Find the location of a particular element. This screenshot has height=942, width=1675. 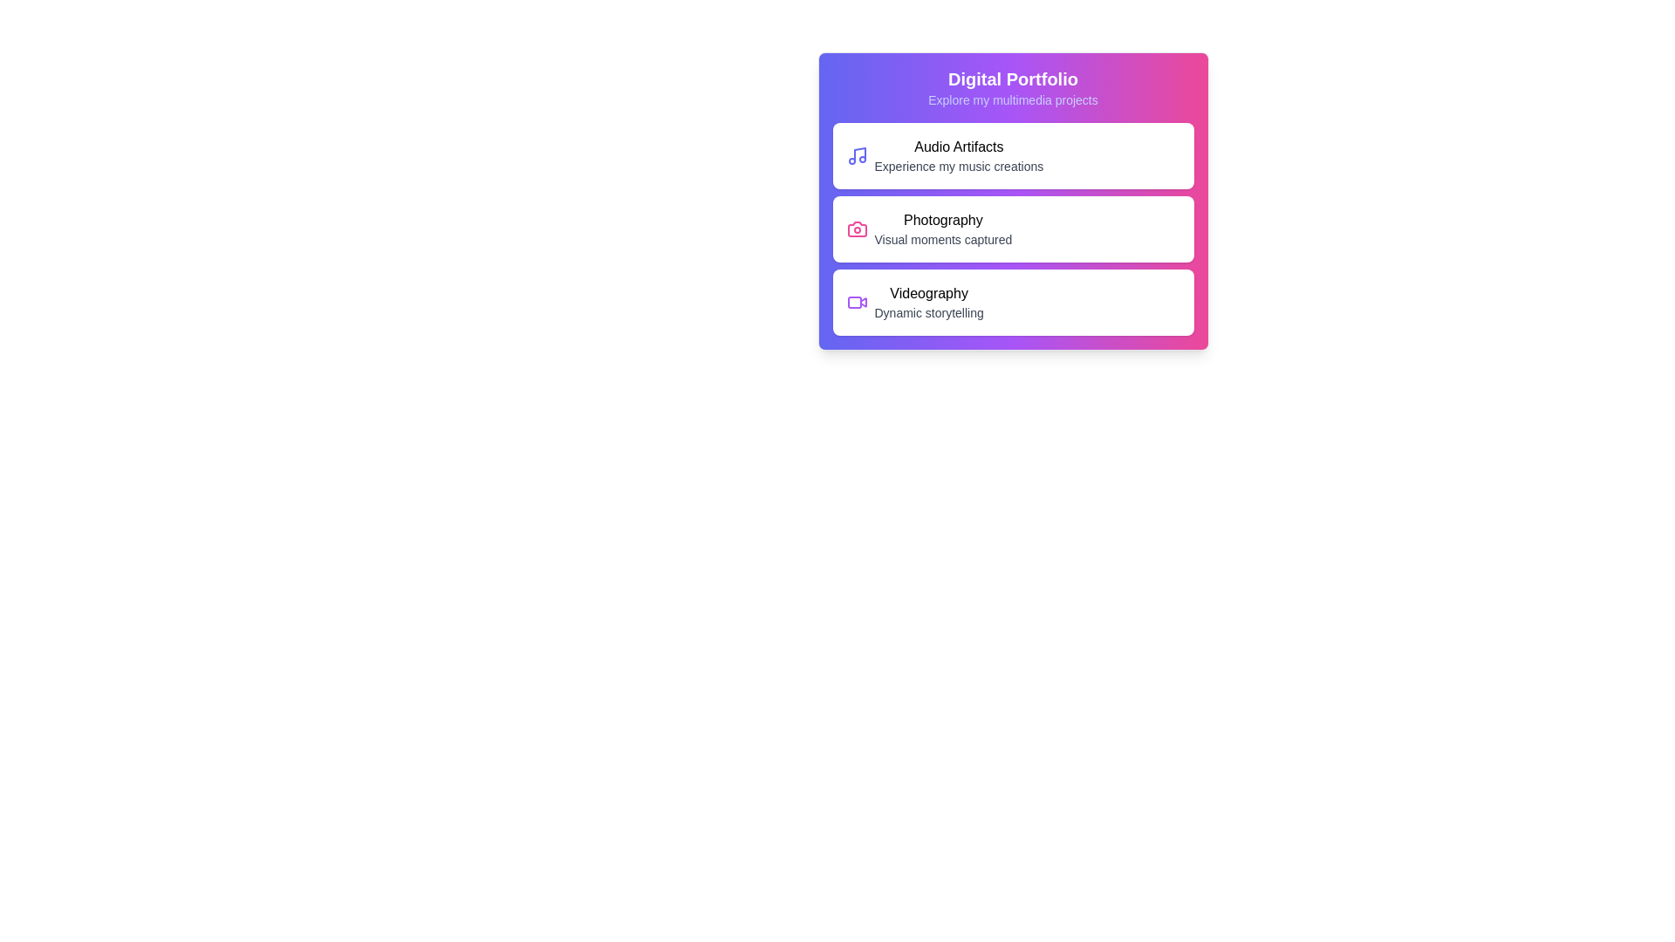

the Compound text element titled 'Audio Artifacts' which contains the description 'Experience my music creations' is located at coordinates (958, 154).